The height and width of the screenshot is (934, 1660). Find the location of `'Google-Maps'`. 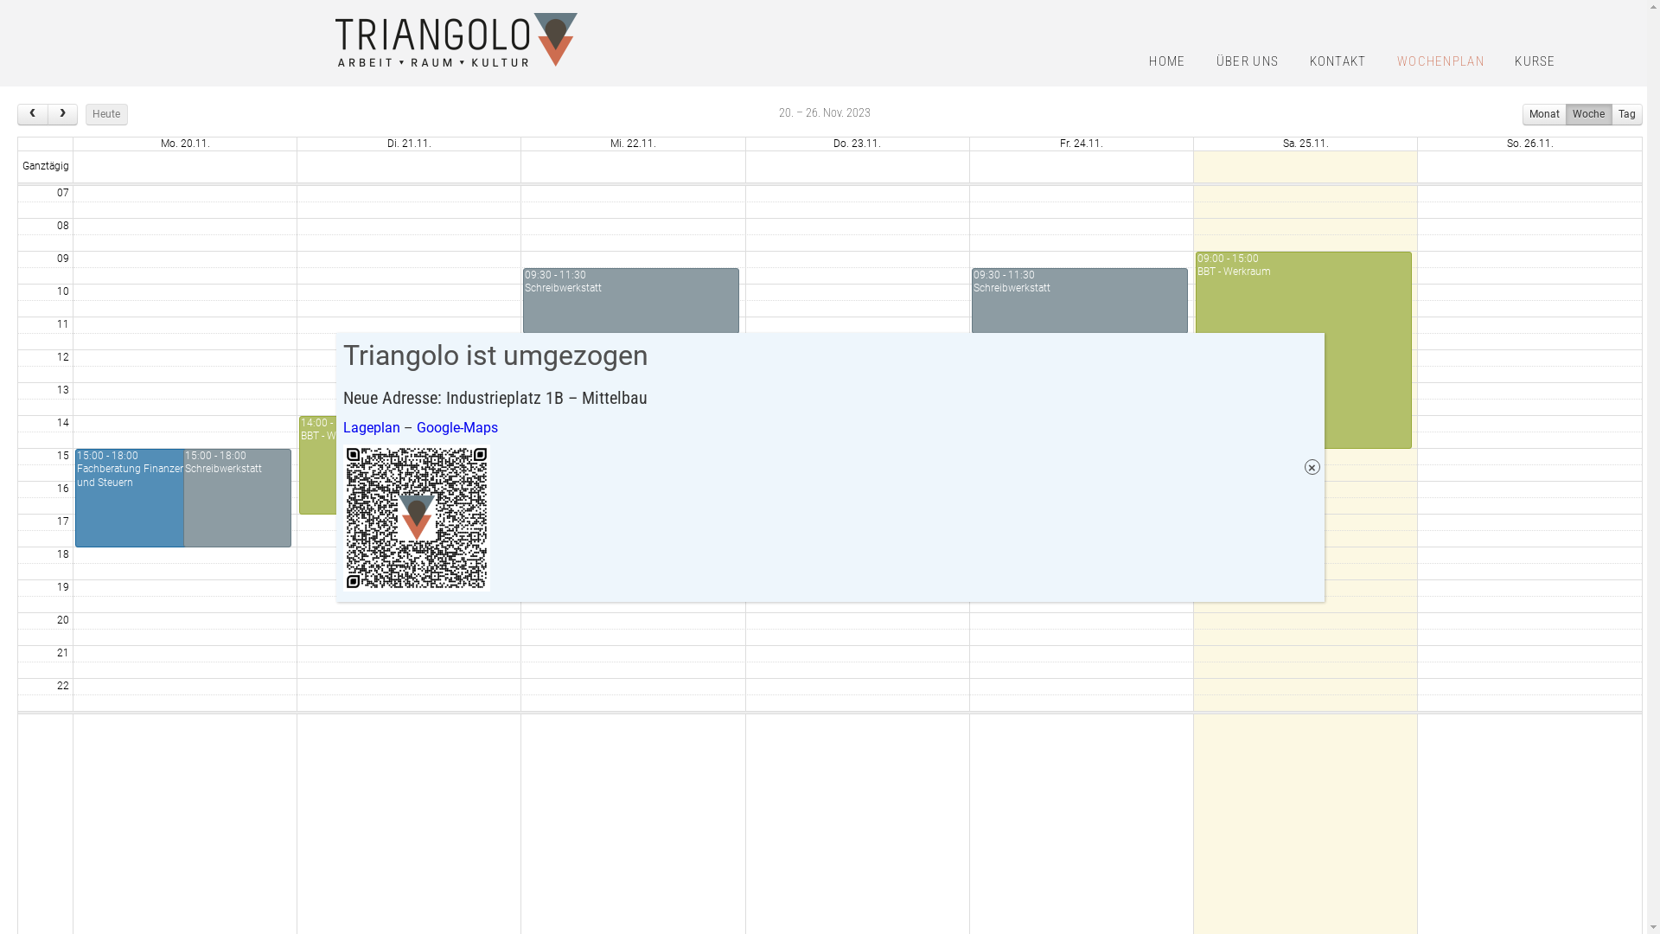

'Google-Maps' is located at coordinates (456, 426).